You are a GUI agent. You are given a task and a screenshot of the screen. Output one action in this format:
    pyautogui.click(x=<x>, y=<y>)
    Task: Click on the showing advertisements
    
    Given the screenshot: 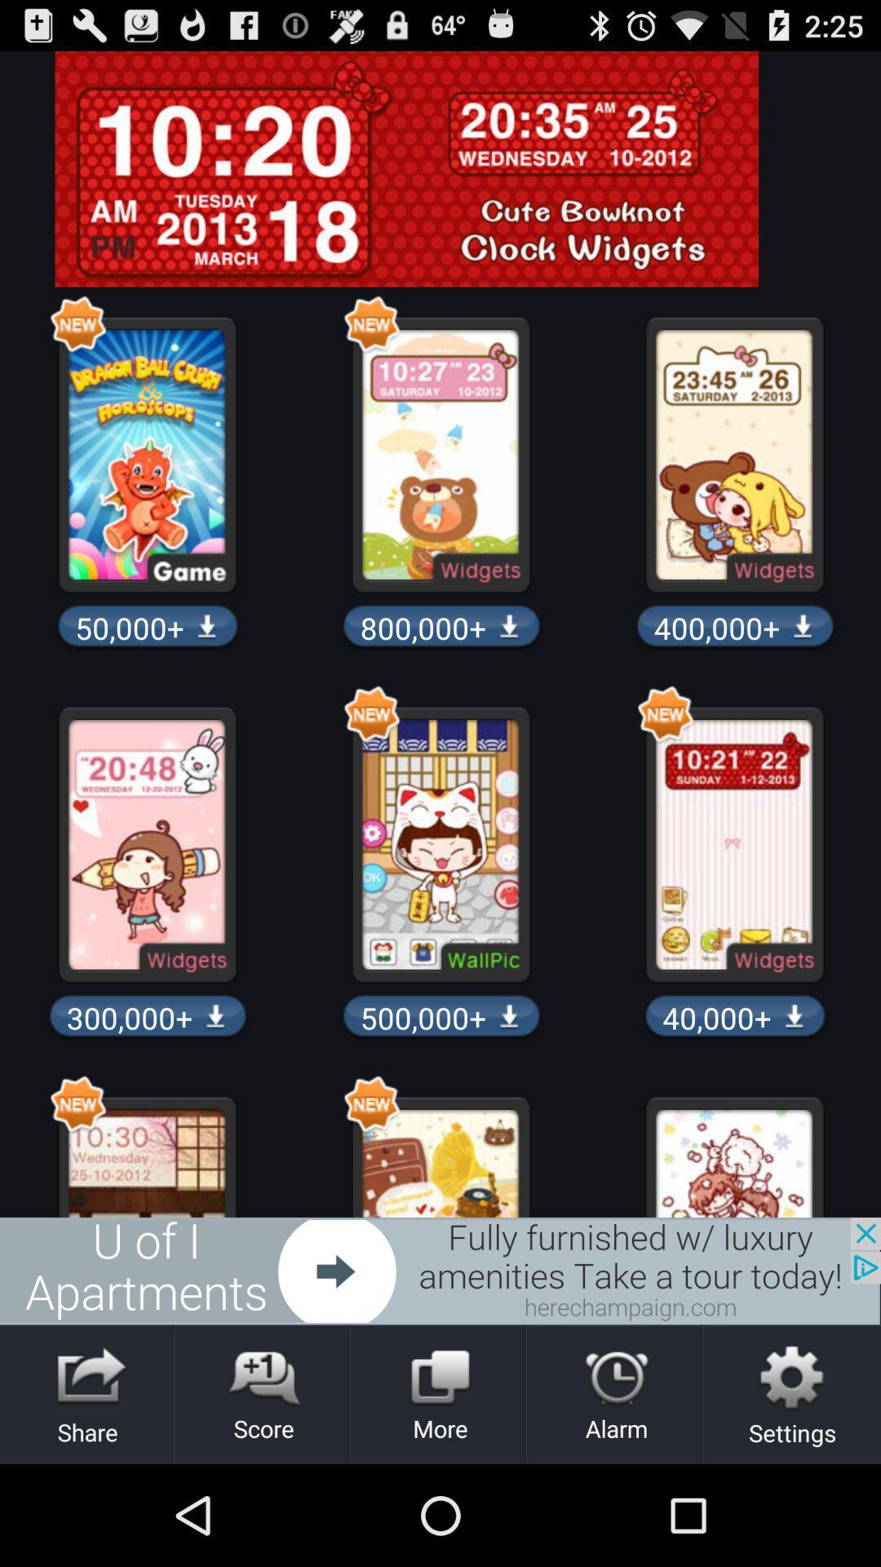 What is the action you would take?
    pyautogui.click(x=440, y=1270)
    